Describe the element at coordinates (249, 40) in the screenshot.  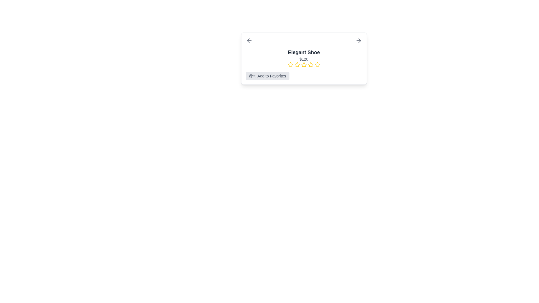
I see `the leftward-pointing gray arrow icon located at the top-left corner of the horizontal bar above the product card` at that location.